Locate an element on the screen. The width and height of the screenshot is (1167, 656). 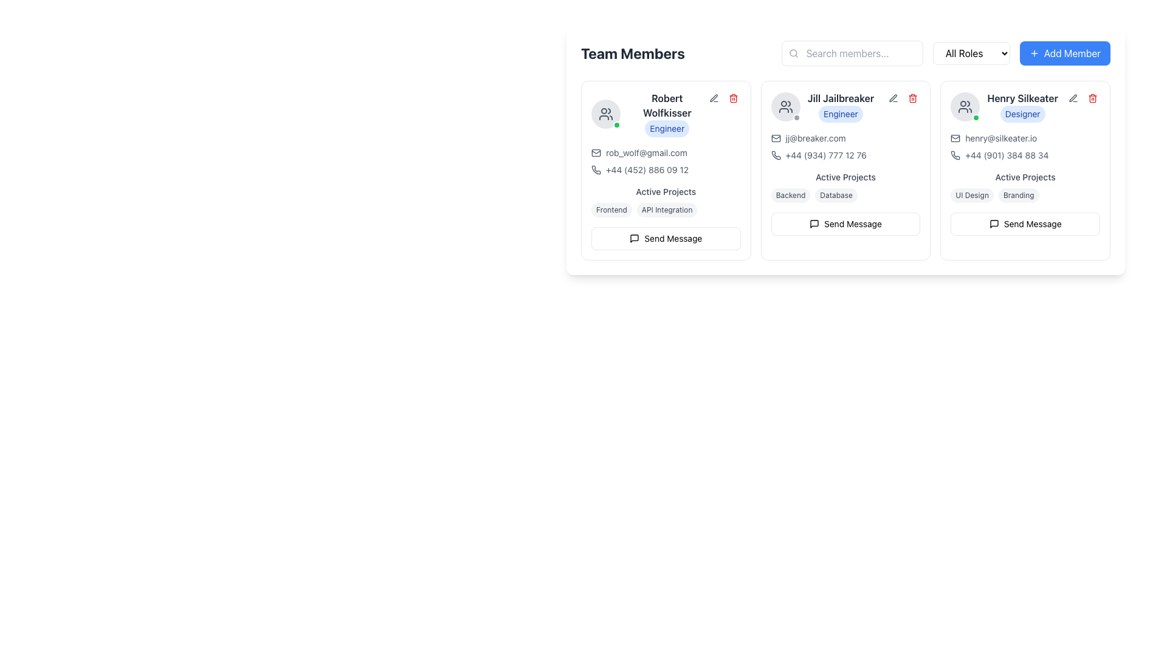
text label 'Jill Jailbreaker' with the role tag 'Engineer' located in the second profile card from the left in the 'Team Members' section, near the top part of the card, just below the profile icon is located at coordinates (840, 106).